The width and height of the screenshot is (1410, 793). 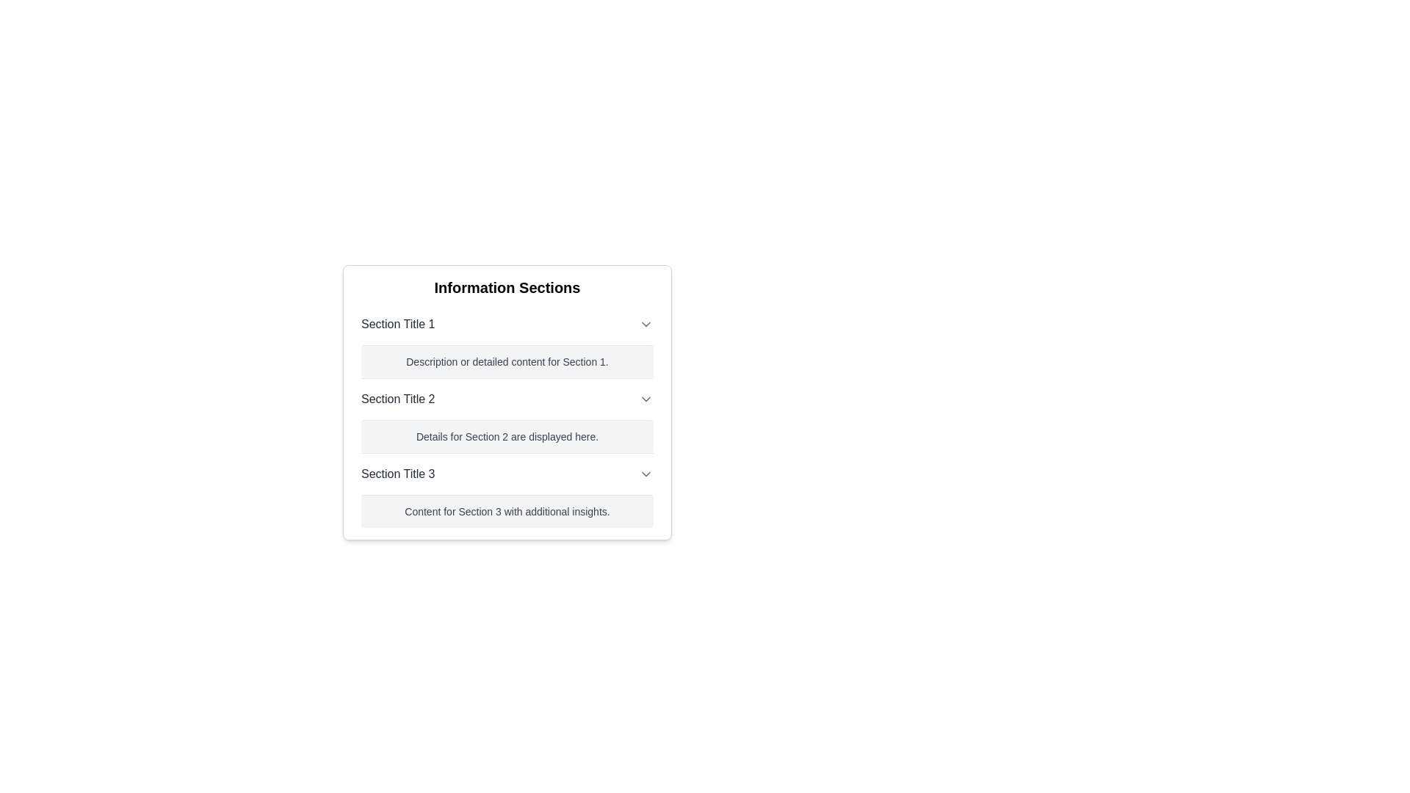 I want to click on static text element that displays the phrase 'Details for Section 2 are displayed here.', which is centrally located within the display box of Section 2, so click(x=507, y=435).